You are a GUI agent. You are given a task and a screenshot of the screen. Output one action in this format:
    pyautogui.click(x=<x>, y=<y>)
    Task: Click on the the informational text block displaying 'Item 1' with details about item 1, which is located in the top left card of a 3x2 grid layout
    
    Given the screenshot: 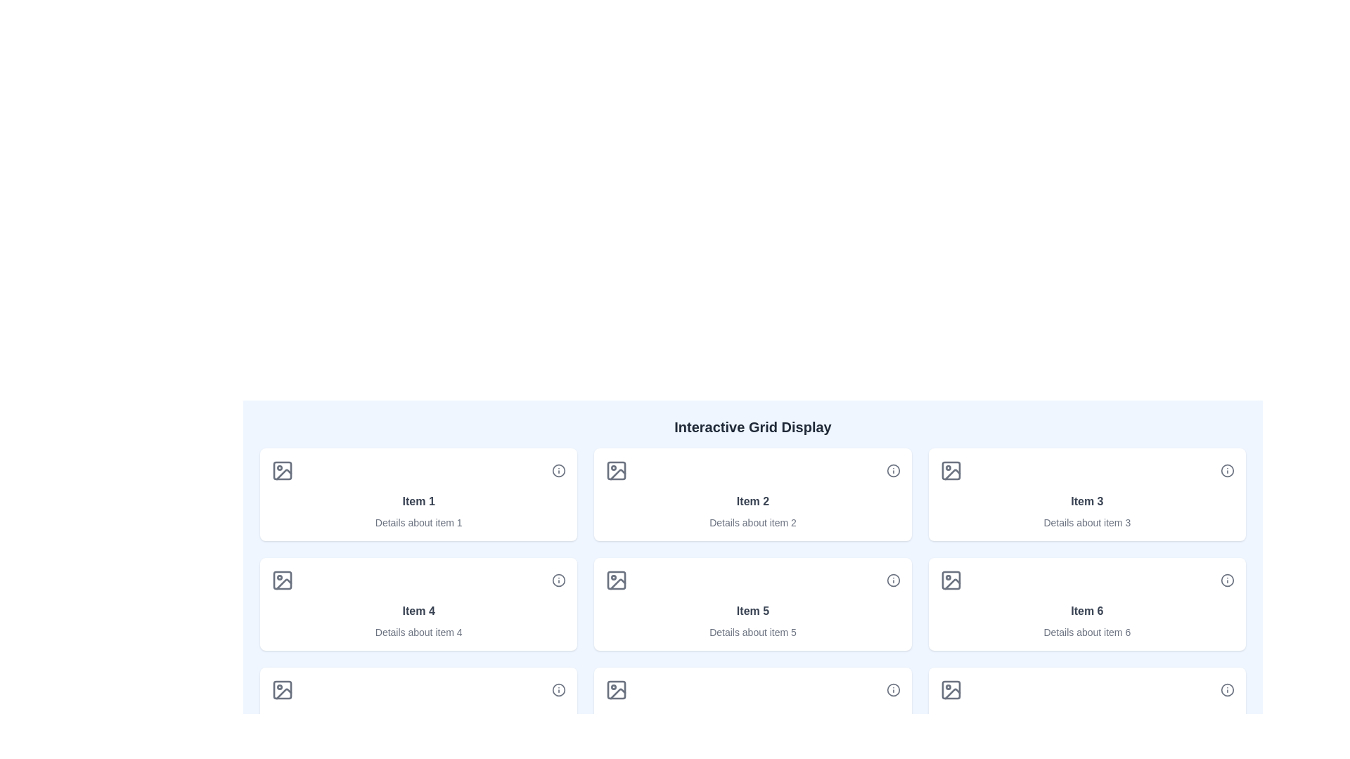 What is the action you would take?
    pyautogui.click(x=418, y=512)
    